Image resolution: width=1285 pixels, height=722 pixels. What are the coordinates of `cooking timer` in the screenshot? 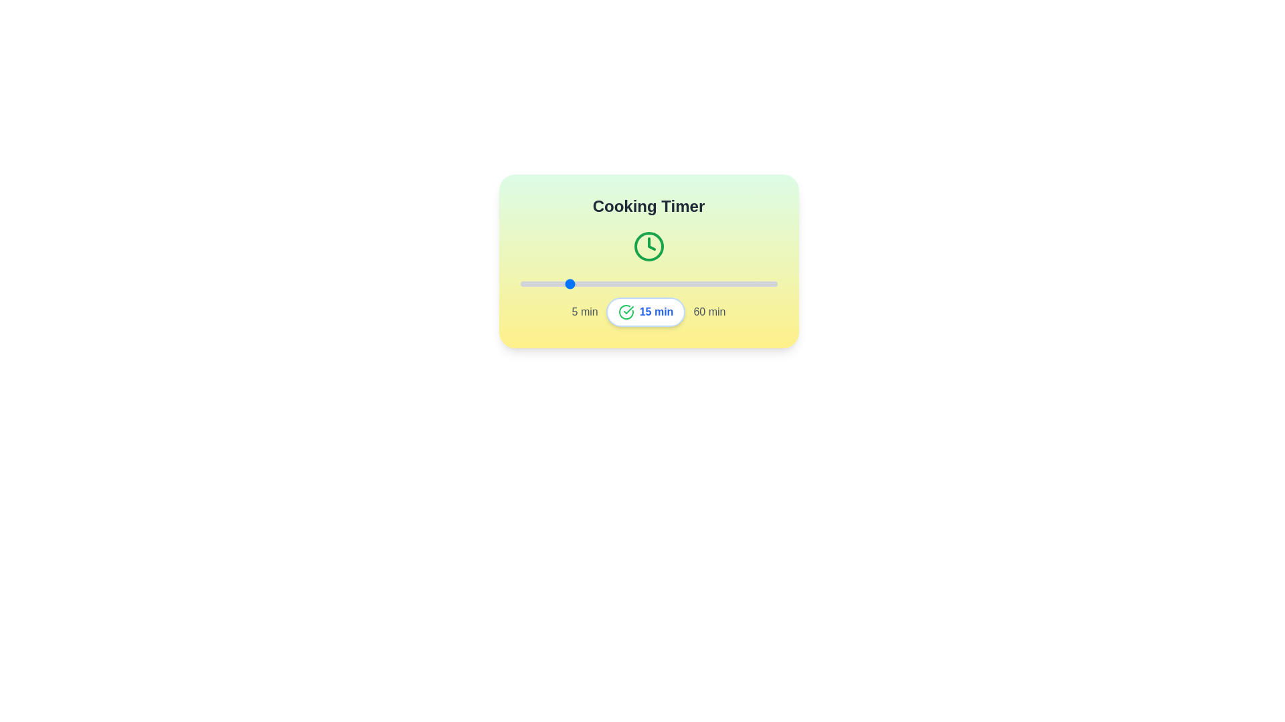 It's located at (758, 283).